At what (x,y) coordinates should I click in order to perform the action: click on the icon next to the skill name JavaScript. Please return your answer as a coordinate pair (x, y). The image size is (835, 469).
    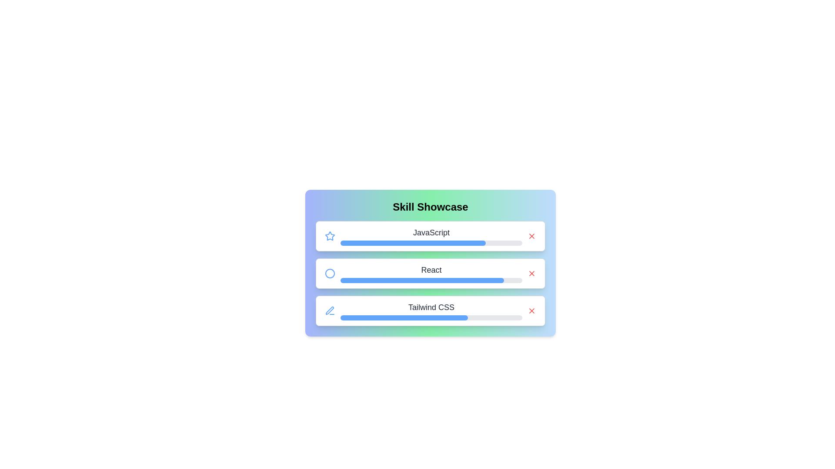
    Looking at the image, I should click on (329, 236).